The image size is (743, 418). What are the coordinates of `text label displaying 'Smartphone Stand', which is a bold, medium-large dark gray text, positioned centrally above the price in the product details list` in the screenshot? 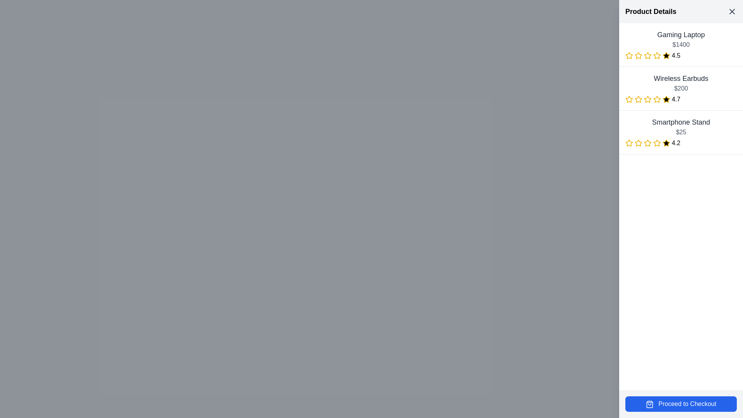 It's located at (681, 122).